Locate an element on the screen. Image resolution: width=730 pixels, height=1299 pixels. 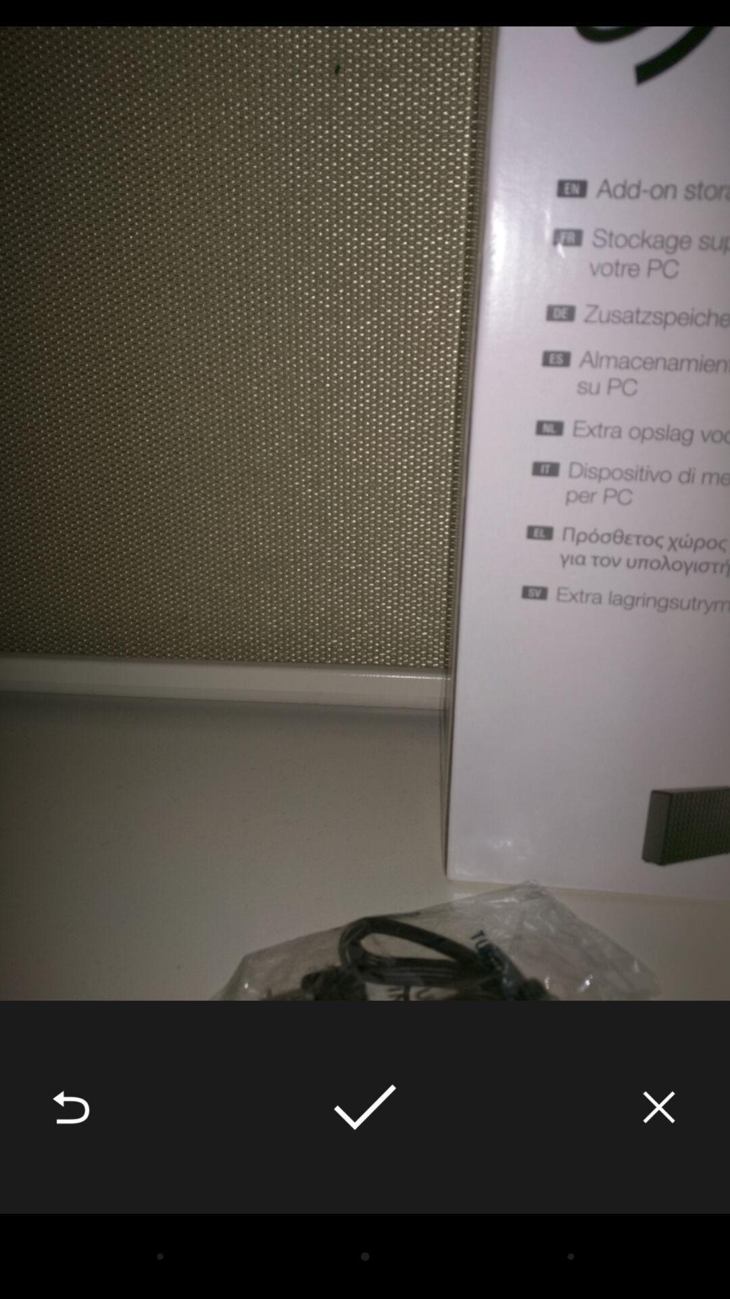
the icon at the bottom right corner is located at coordinates (658, 1107).